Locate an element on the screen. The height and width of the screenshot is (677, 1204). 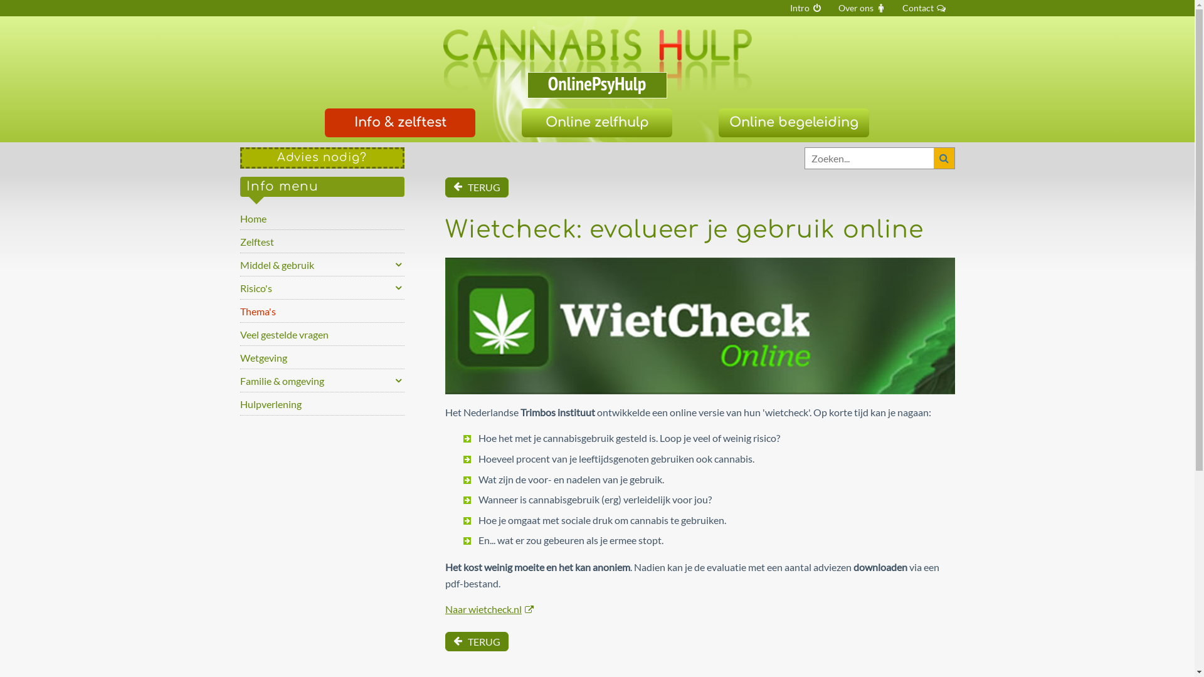
'Over ons' is located at coordinates (830, 8).